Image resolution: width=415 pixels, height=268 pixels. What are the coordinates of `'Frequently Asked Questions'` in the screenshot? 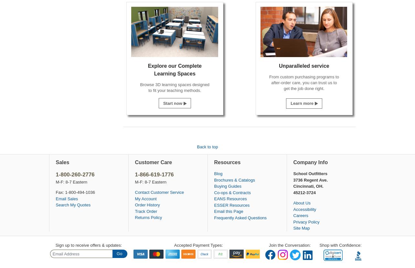 It's located at (214, 217).